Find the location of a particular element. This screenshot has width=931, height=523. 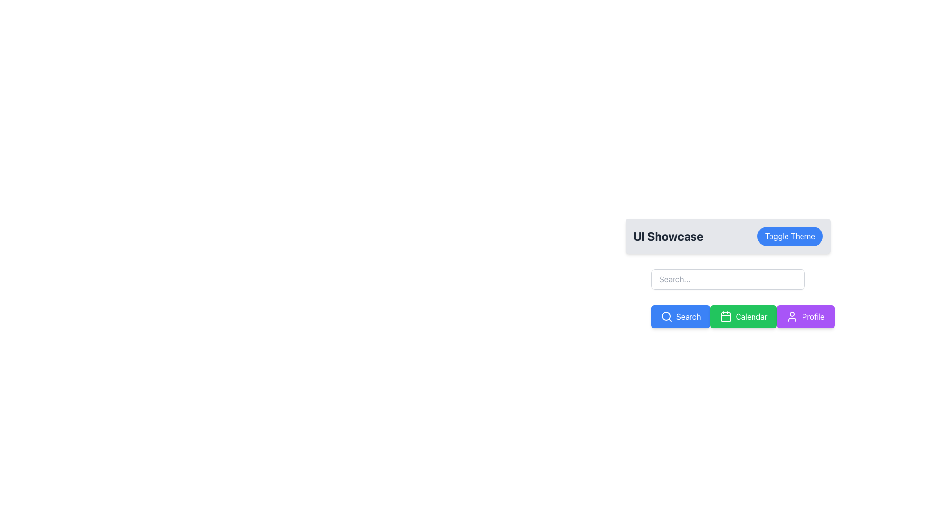

the label for the calendar button, which is the middle button in a set of three located below the 'Search' bar is located at coordinates (751, 317).